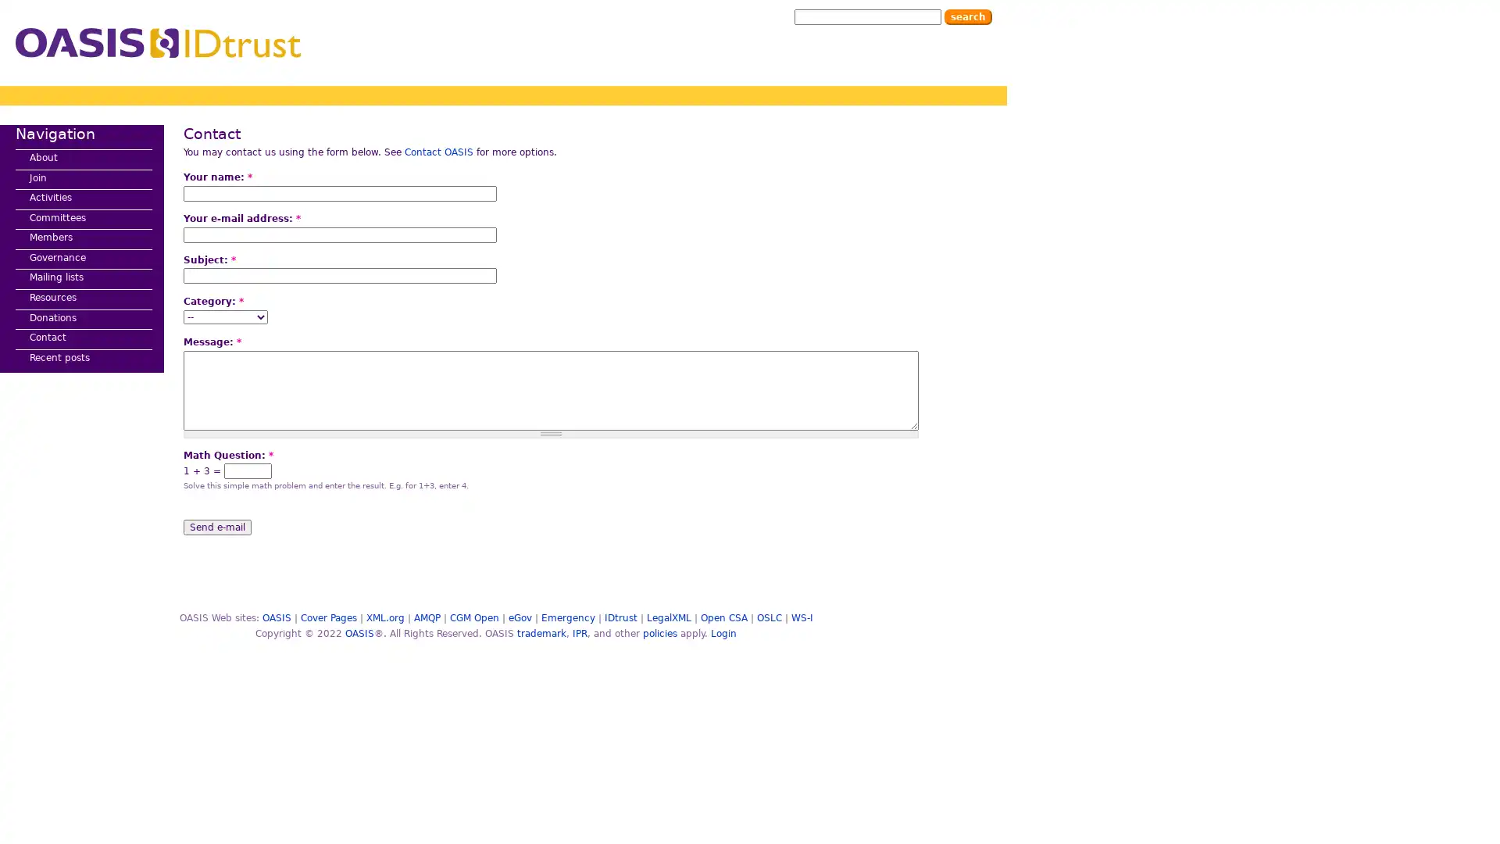 This screenshot has height=844, width=1500. I want to click on Search, so click(967, 17).